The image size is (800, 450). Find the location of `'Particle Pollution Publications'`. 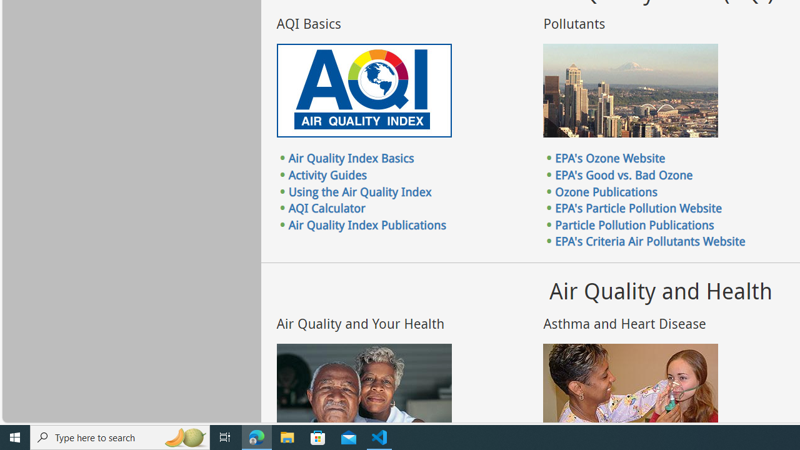

'Particle Pollution Publications' is located at coordinates (634, 224).